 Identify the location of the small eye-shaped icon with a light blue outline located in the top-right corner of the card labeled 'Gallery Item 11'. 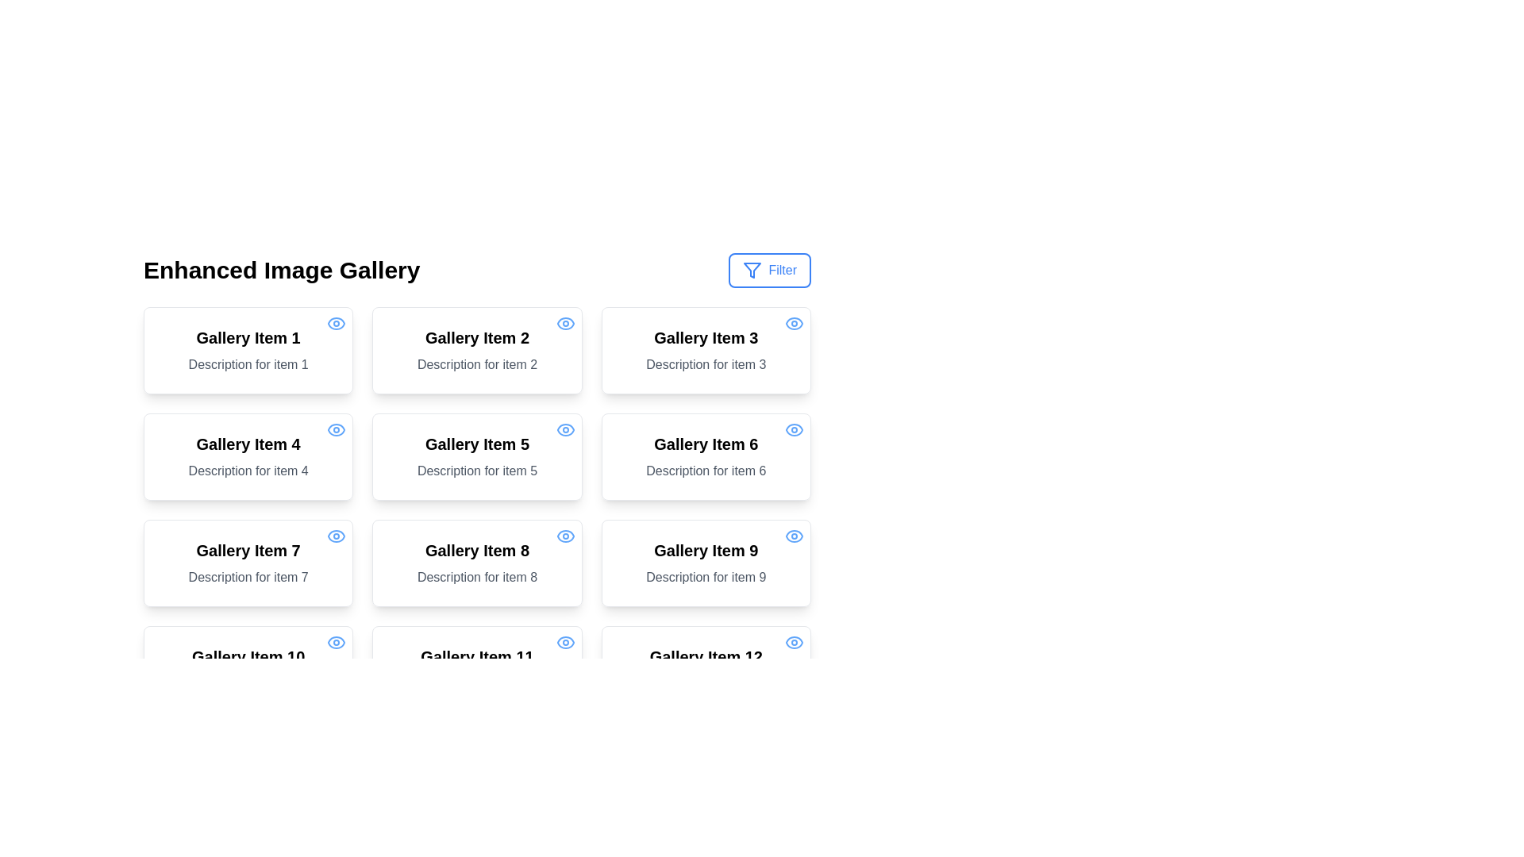
(565, 643).